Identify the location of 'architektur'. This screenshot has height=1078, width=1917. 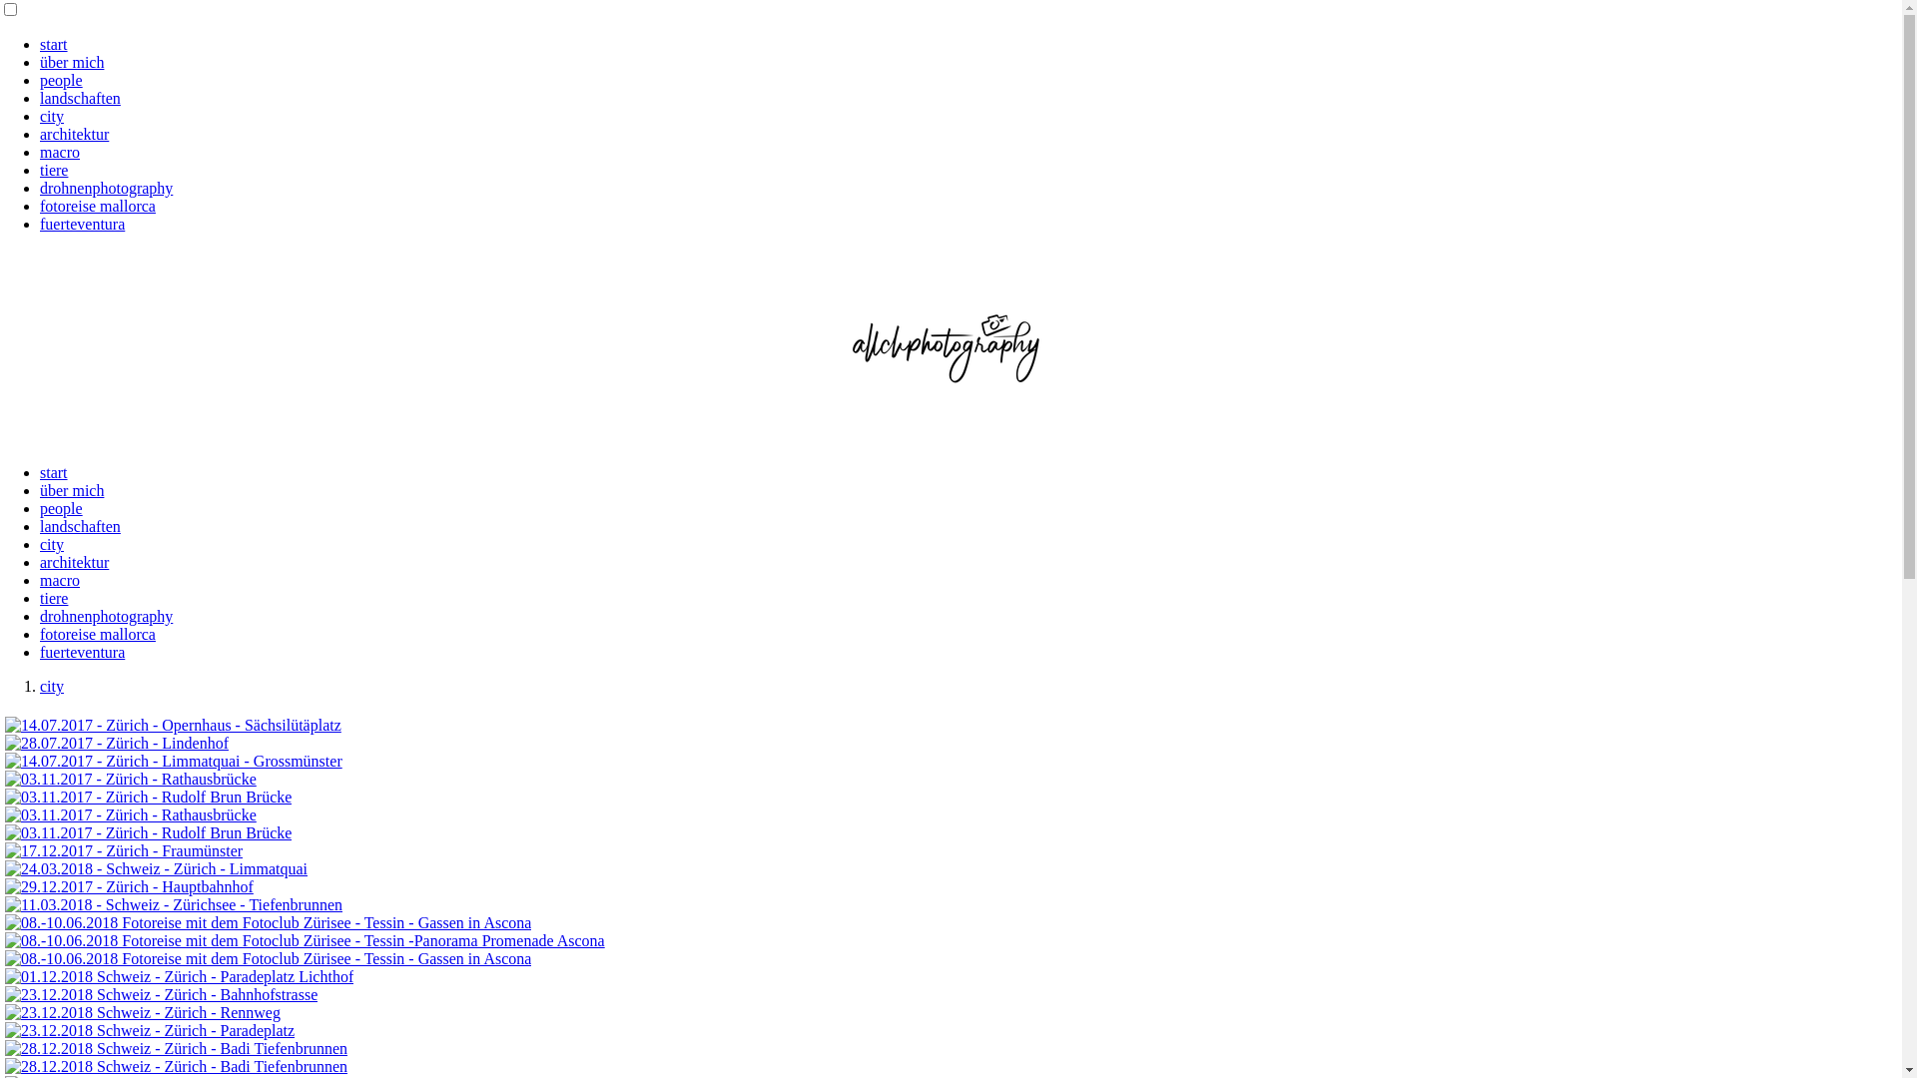
(74, 134).